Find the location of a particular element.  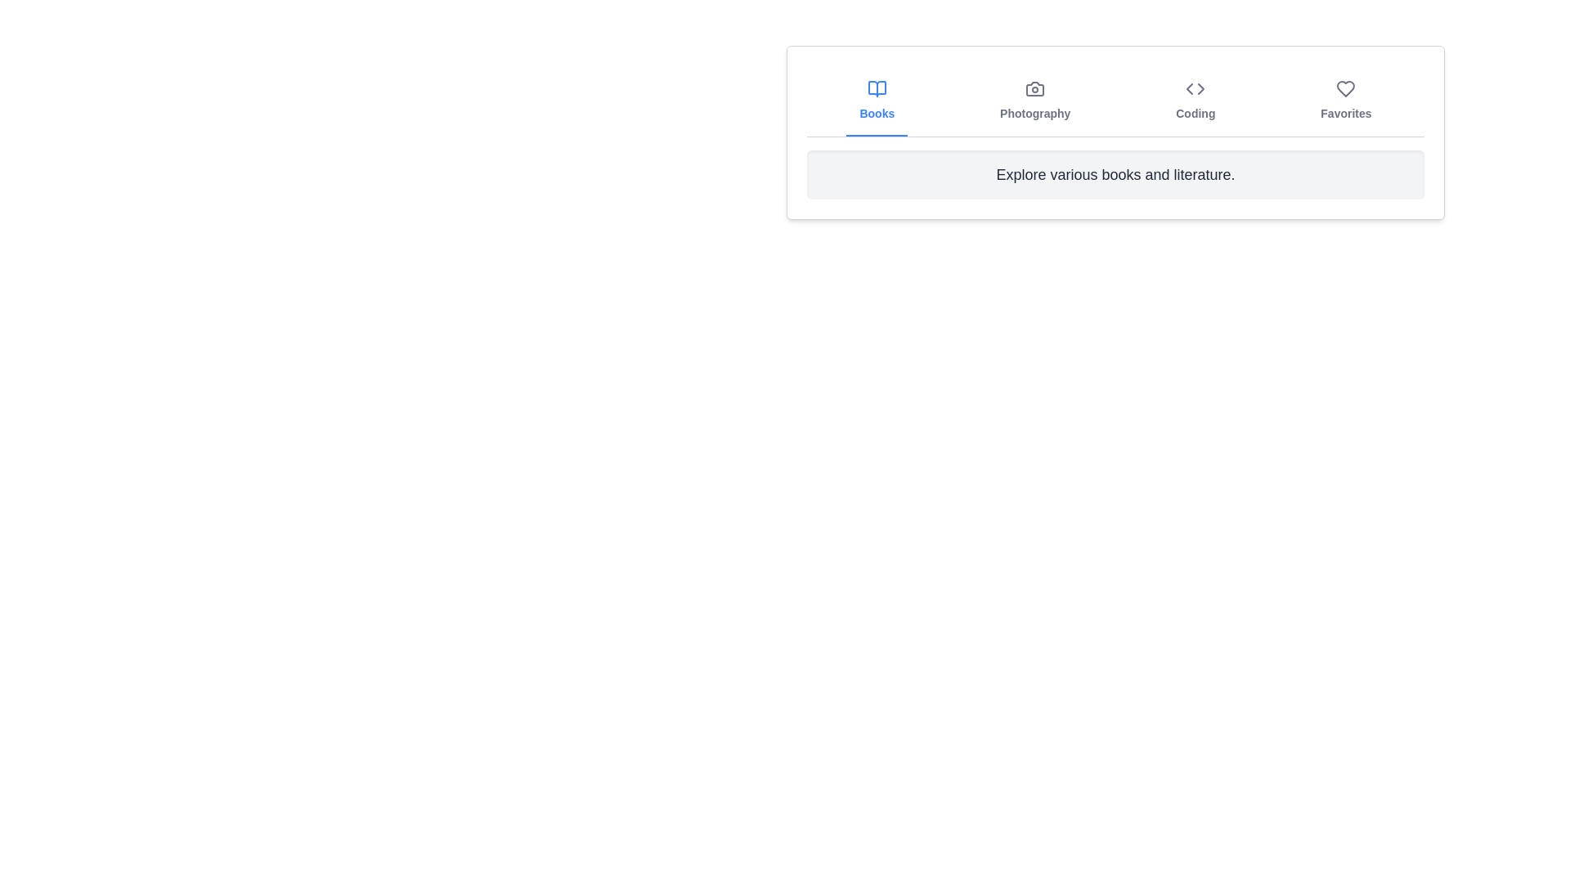

the 'Books' category selector in the upper-left corner of the menu is located at coordinates (876, 101).